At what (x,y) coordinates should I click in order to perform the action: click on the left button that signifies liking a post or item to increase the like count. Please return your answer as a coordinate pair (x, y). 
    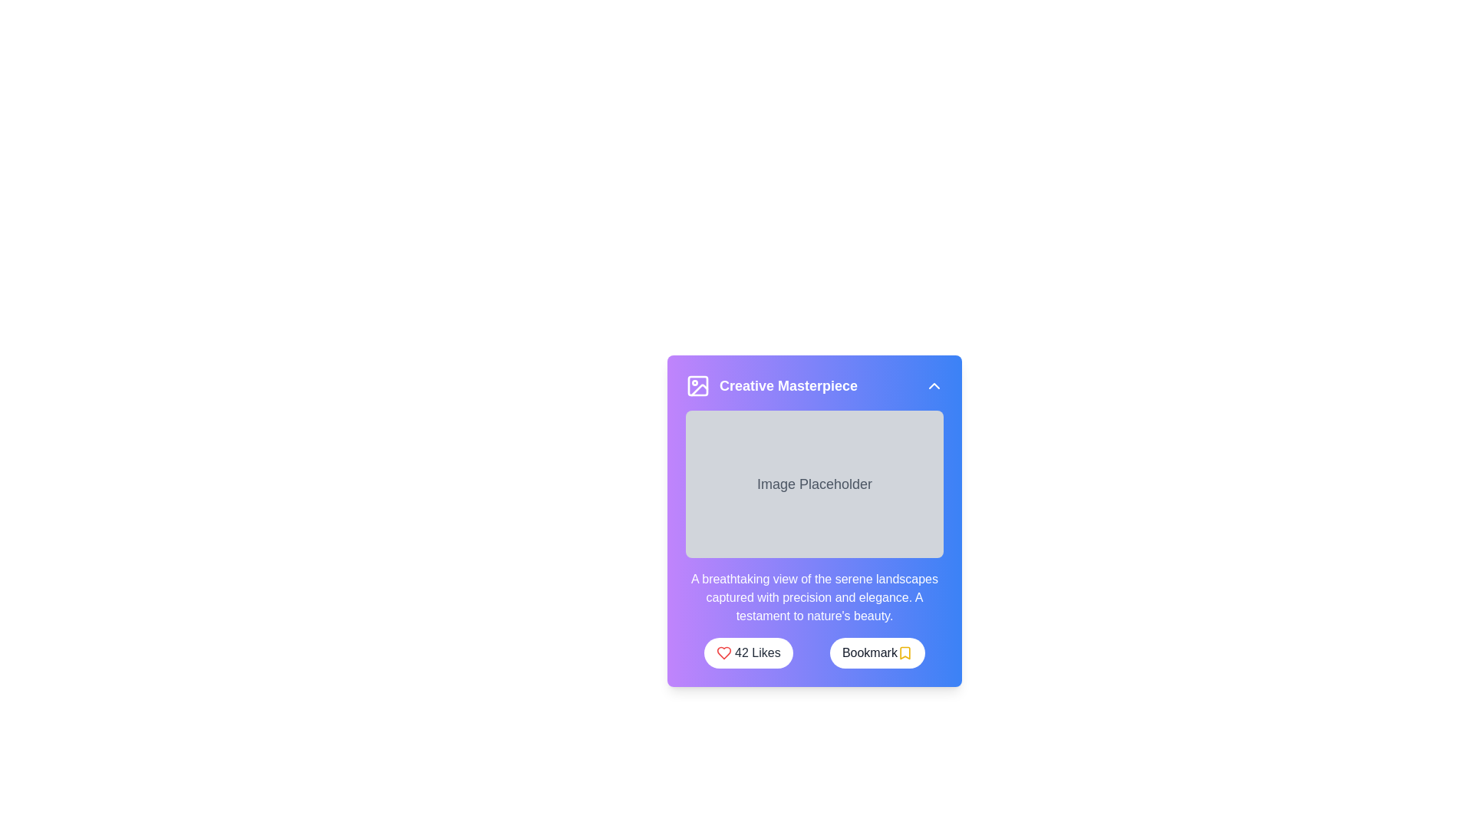
    Looking at the image, I should click on (748, 653).